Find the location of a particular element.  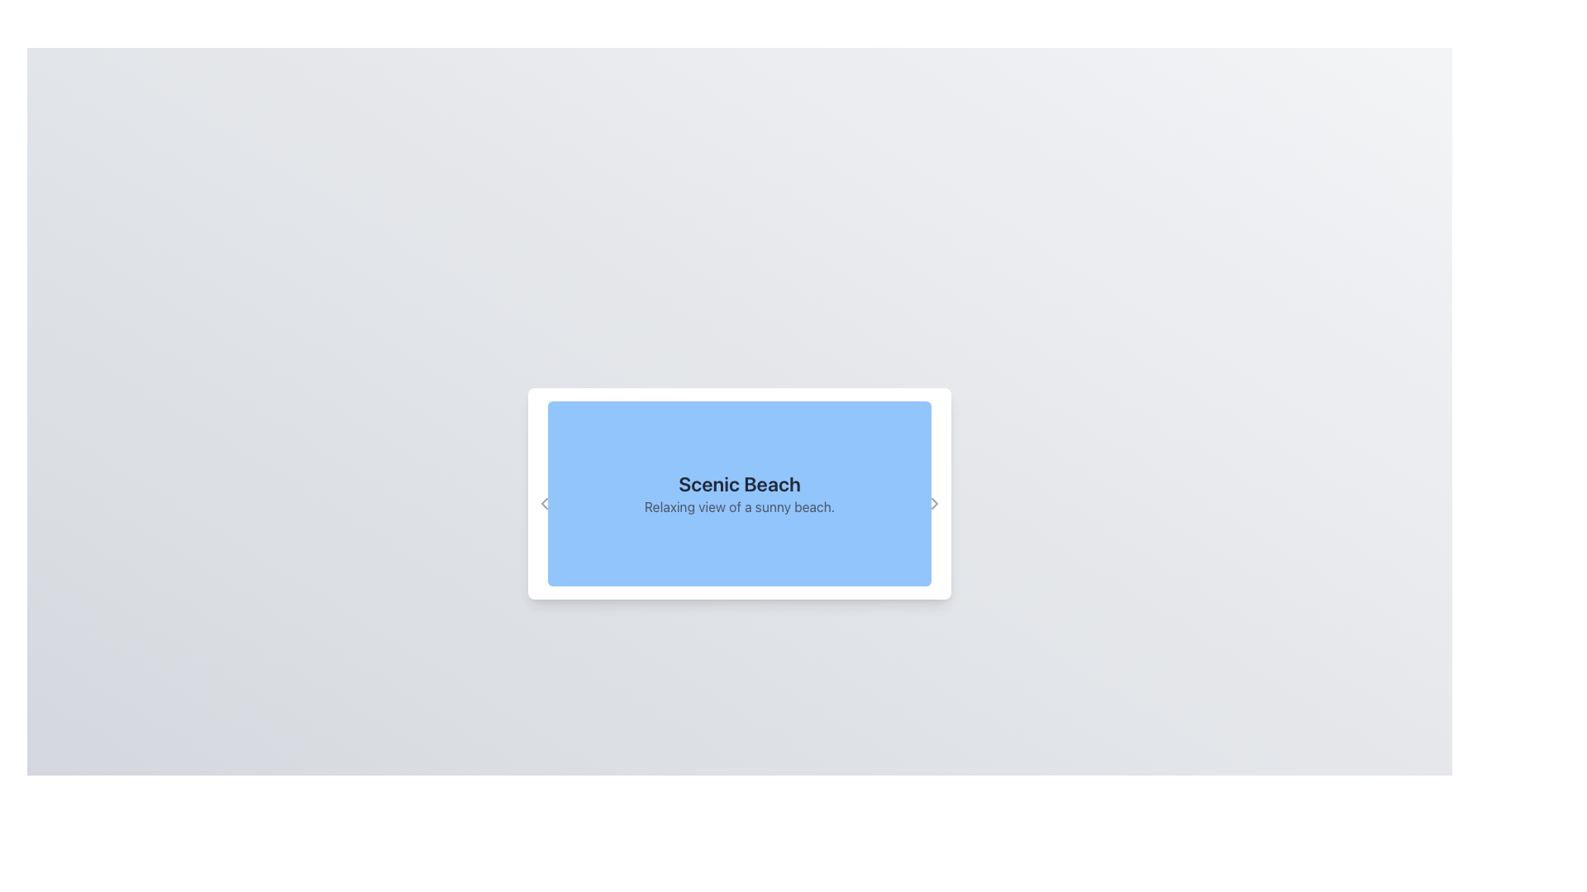

the rightward-pointing chevron arrow icon located on the navigation interface beneath the 'Scenic Beach' text is located at coordinates (935, 502).